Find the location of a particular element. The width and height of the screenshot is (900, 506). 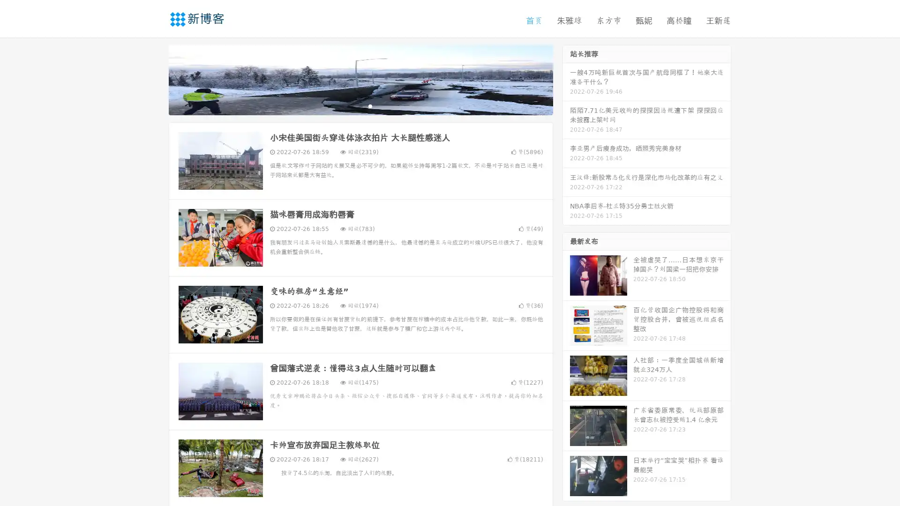

Go to slide 3 is located at coordinates (370, 105).